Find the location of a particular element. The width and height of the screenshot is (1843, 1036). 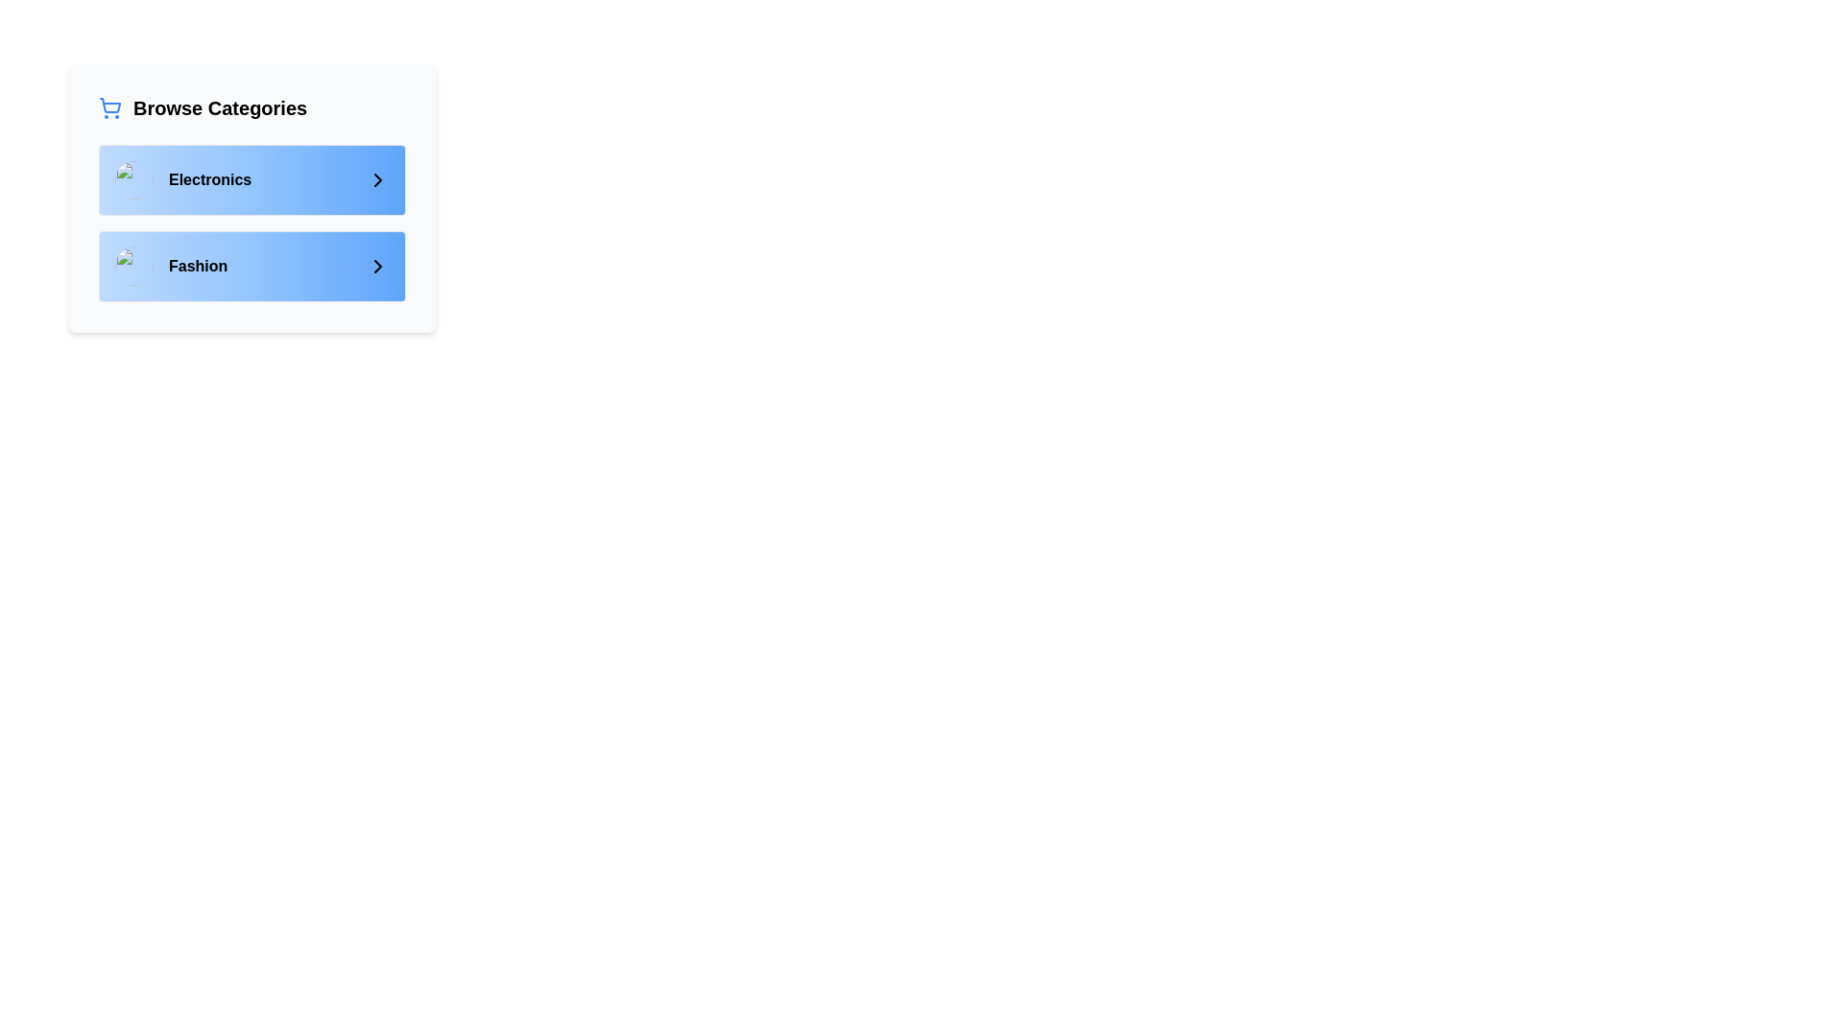

the 'Fashion' category list item, which features a circular image on the left and the word 'Fashion' in bold on the right, located in a light blue rectangular area is located at coordinates (171, 266).